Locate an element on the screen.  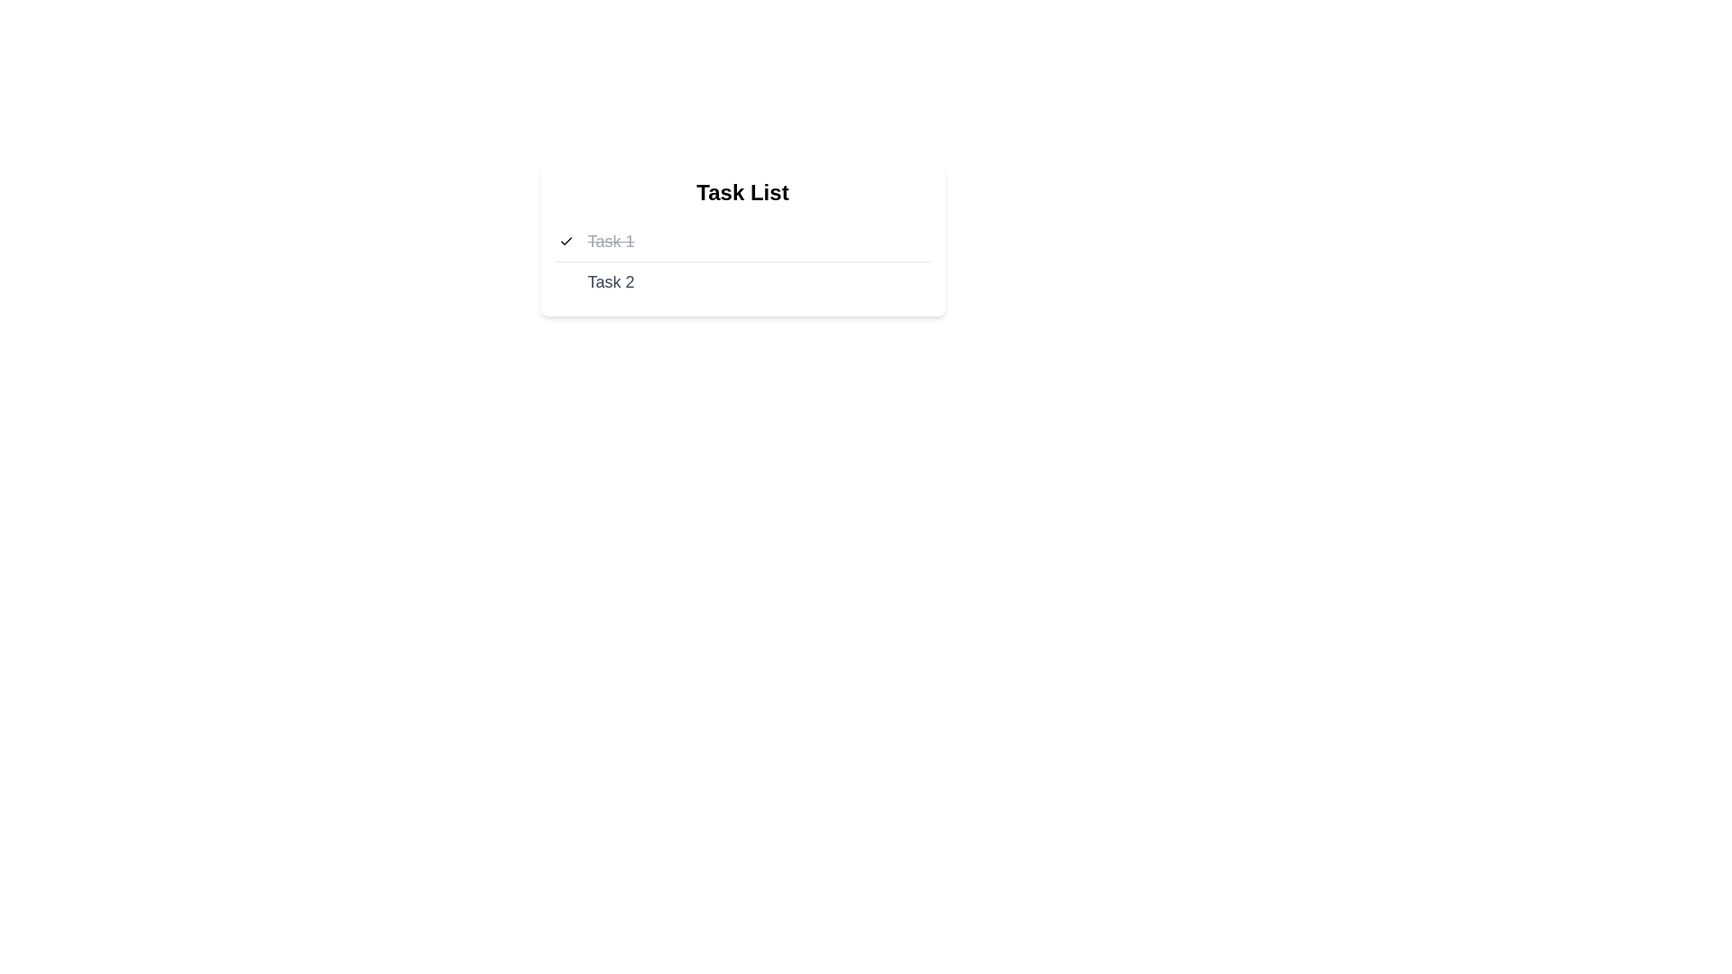
the checkbox icon with a green checkmark styled as an icon, located on the left side of 'Task 1' in the task list component is located at coordinates (565, 240).